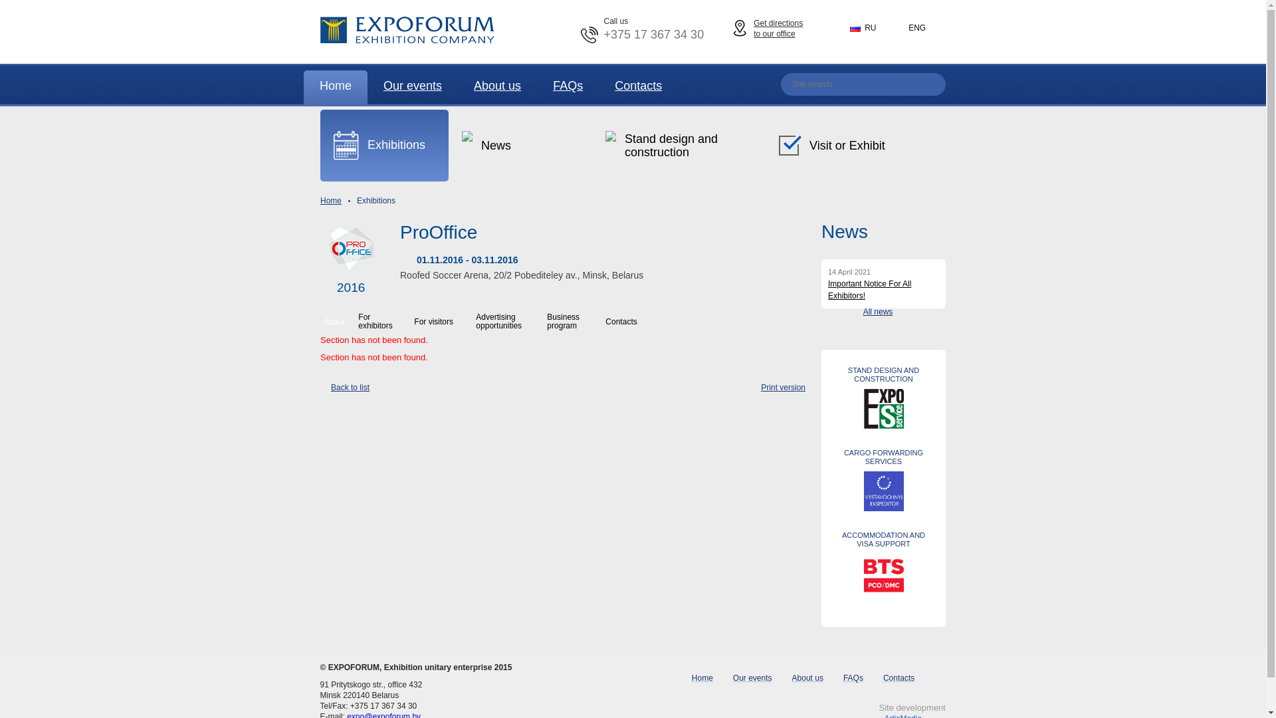 This screenshot has width=1276, height=718. Describe the element at coordinates (868, 28) in the screenshot. I see `'RU'` at that location.